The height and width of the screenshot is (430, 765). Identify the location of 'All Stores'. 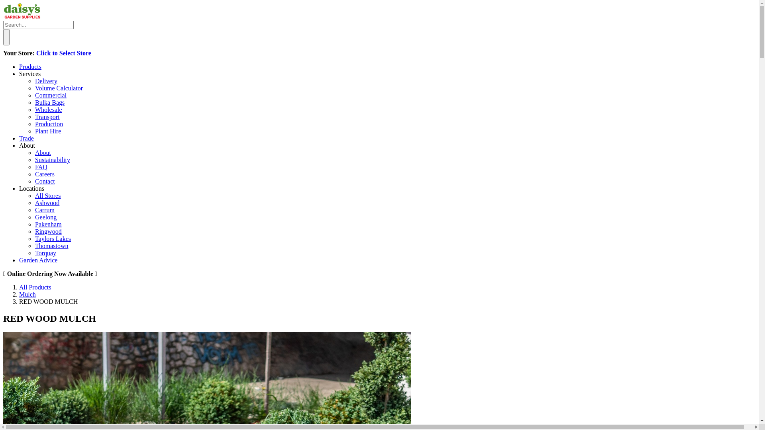
(34, 195).